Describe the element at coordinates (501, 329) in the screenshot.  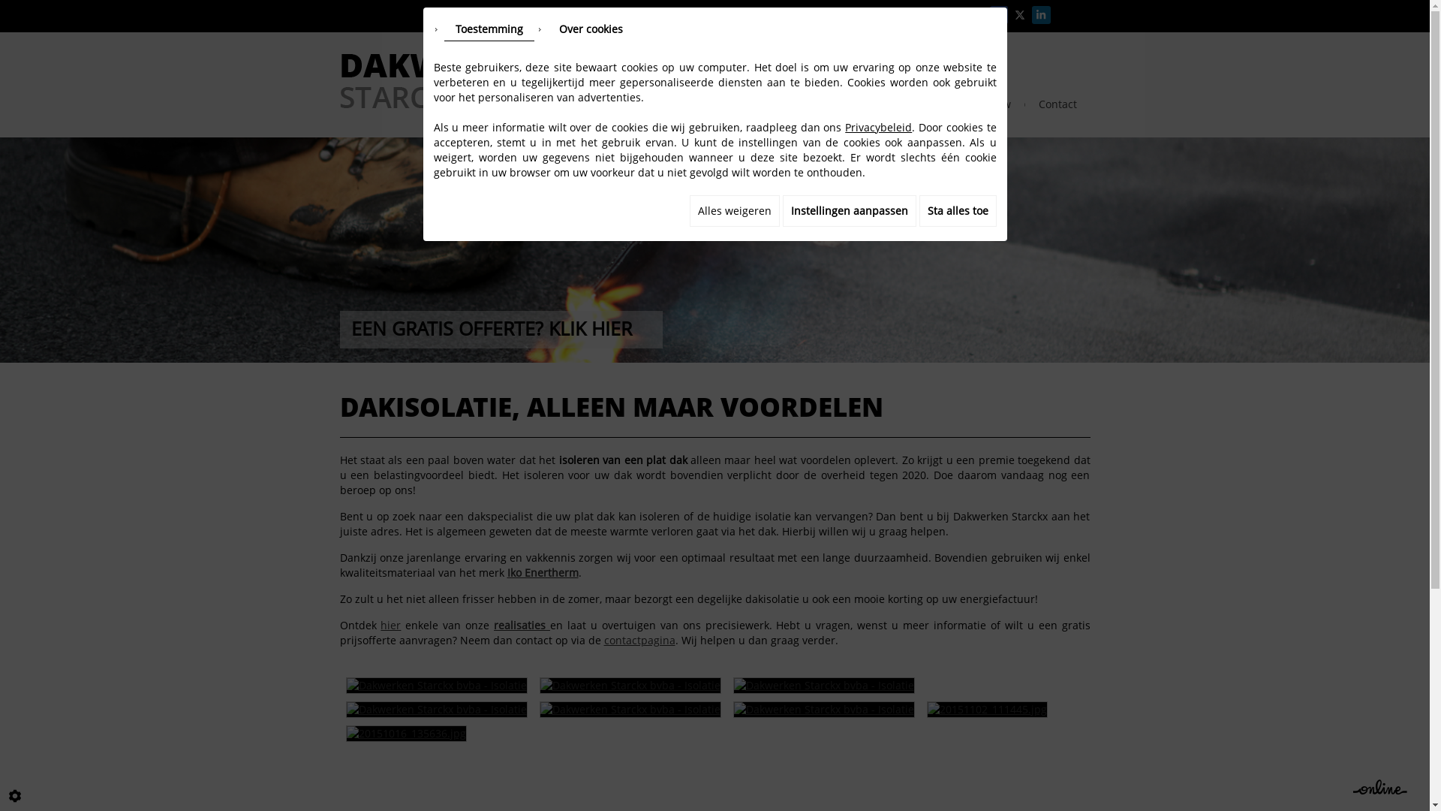
I see `'EEN GRATIS OFFERTE? KLIK HIER'` at that location.